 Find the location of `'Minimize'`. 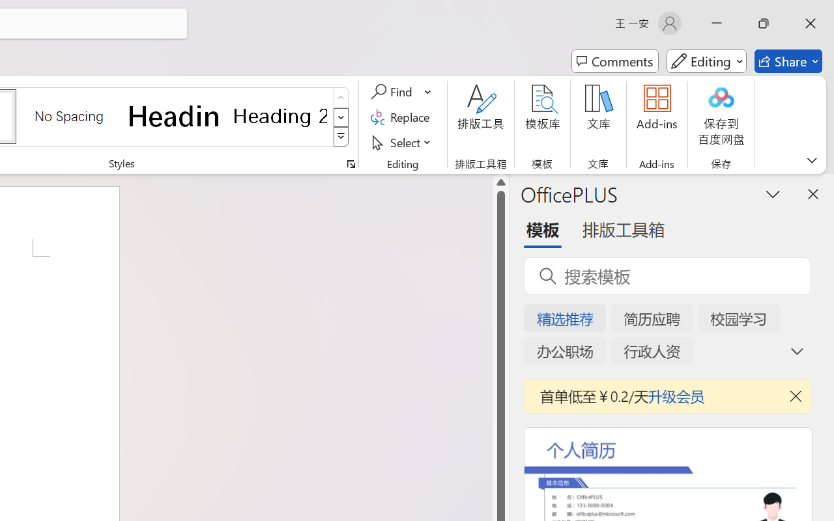

'Minimize' is located at coordinates (716, 23).